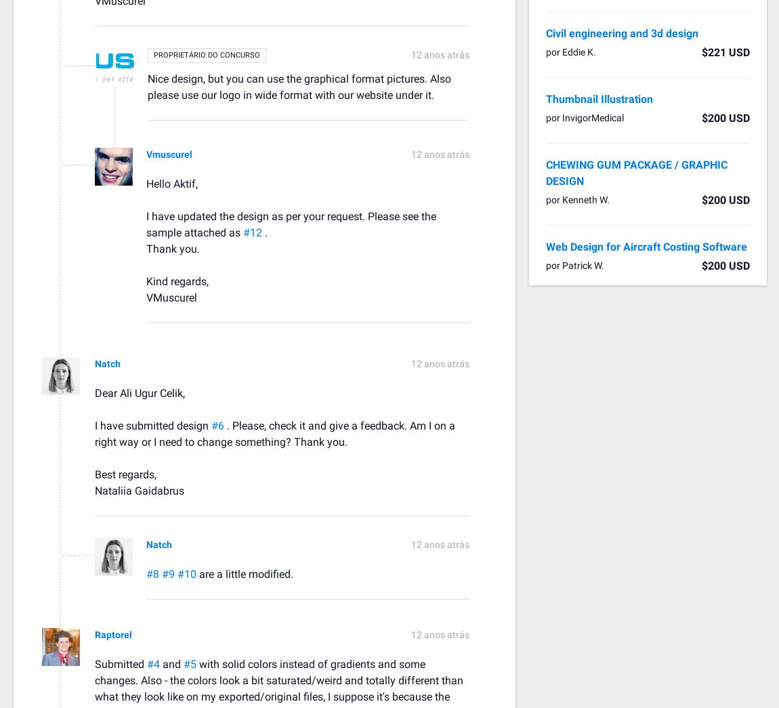 Image resolution: width=779 pixels, height=708 pixels. I want to click on '#9', so click(169, 572).